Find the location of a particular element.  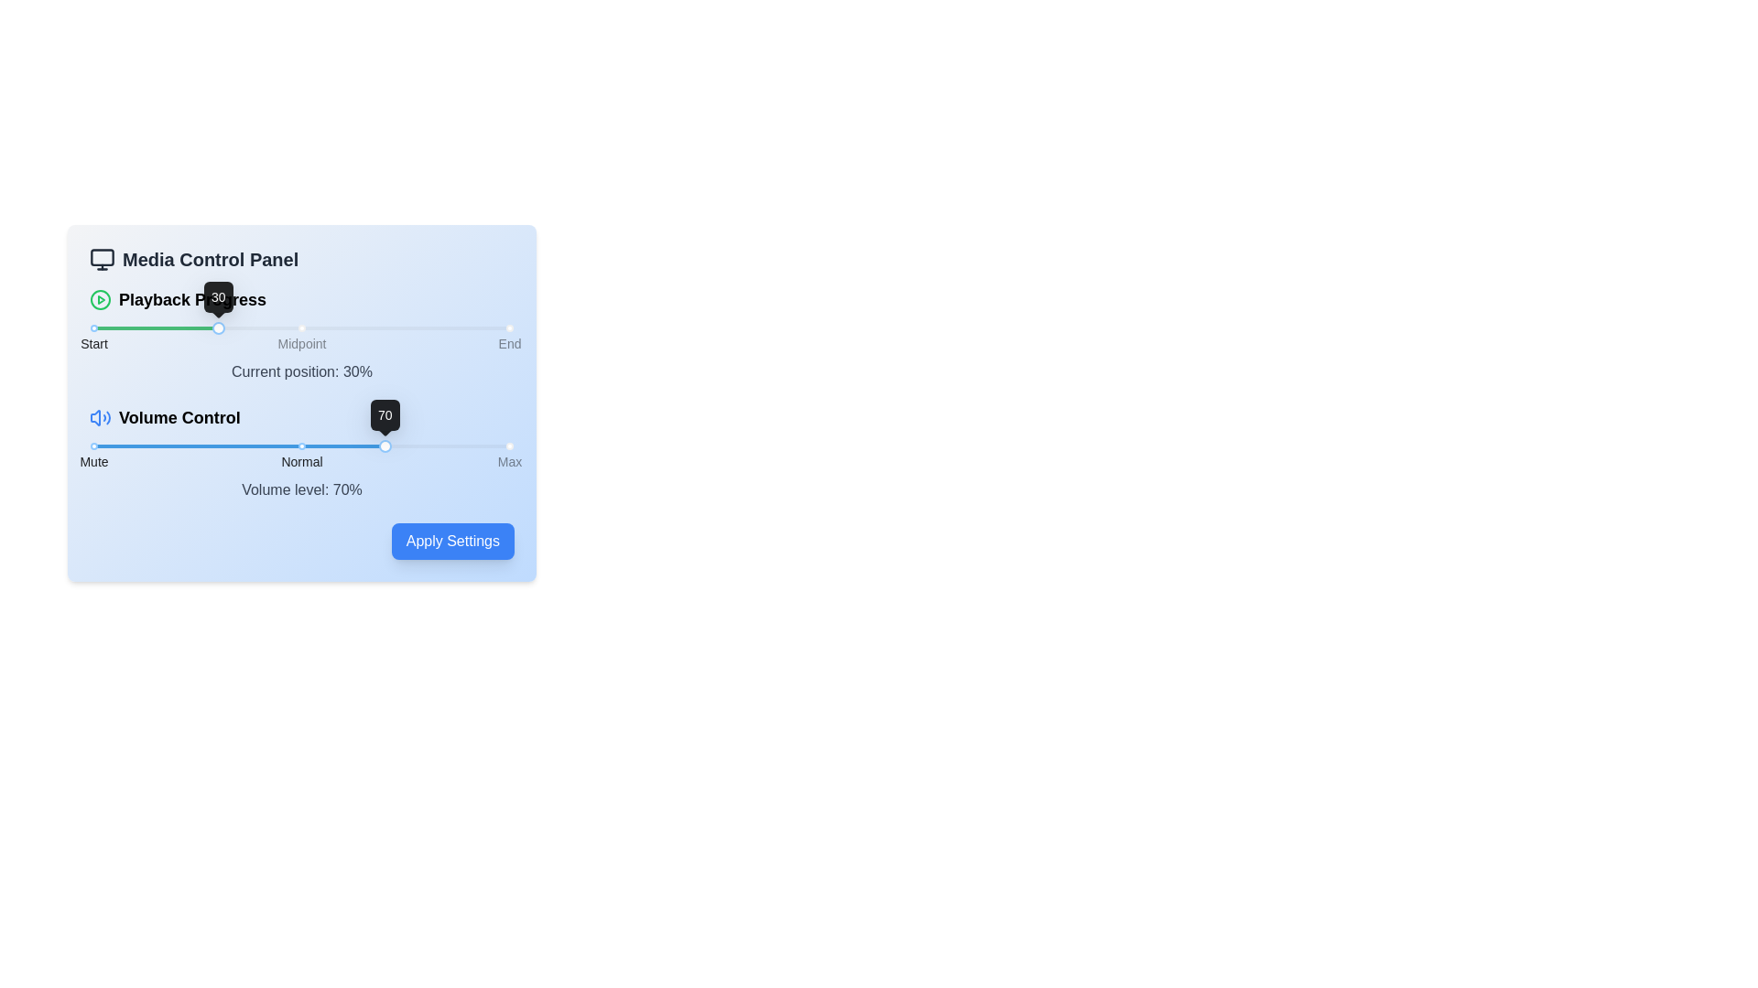

the slider is located at coordinates (447, 446).